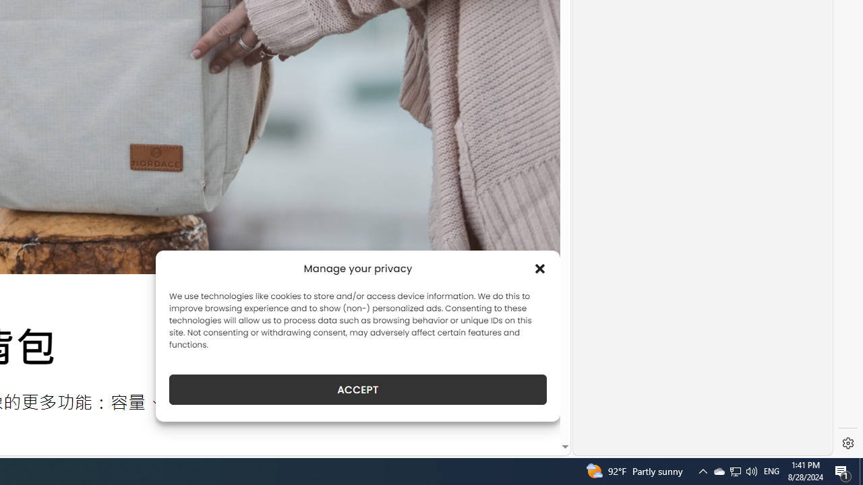  Describe the element at coordinates (358, 389) in the screenshot. I see `'ACCEPT'` at that location.